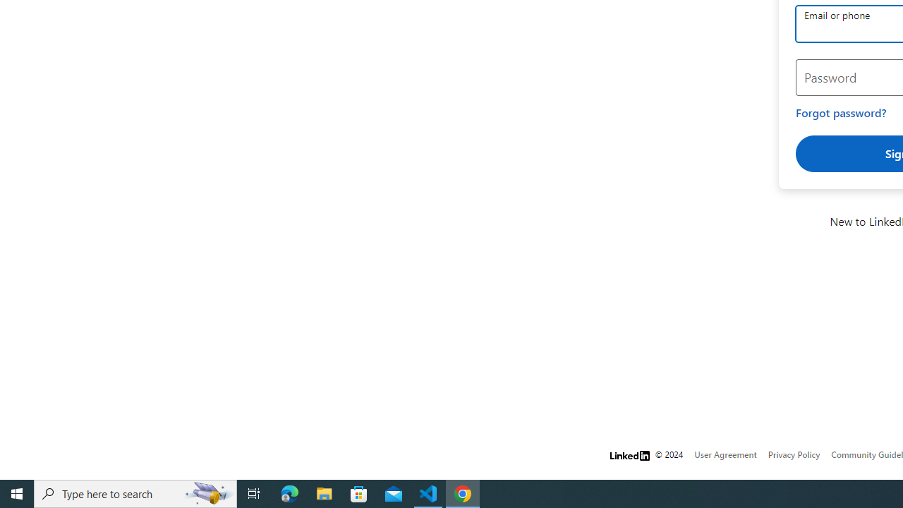 The height and width of the screenshot is (508, 903). I want to click on 'User Agreement', so click(725, 454).